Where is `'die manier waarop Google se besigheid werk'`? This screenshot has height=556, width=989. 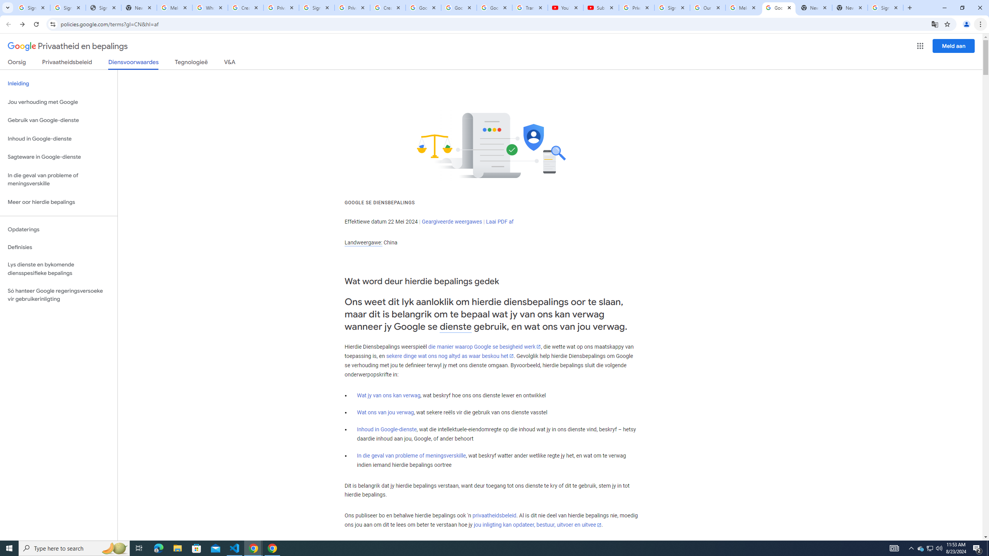 'die manier waarop Google se besigheid werk' is located at coordinates (484, 346).